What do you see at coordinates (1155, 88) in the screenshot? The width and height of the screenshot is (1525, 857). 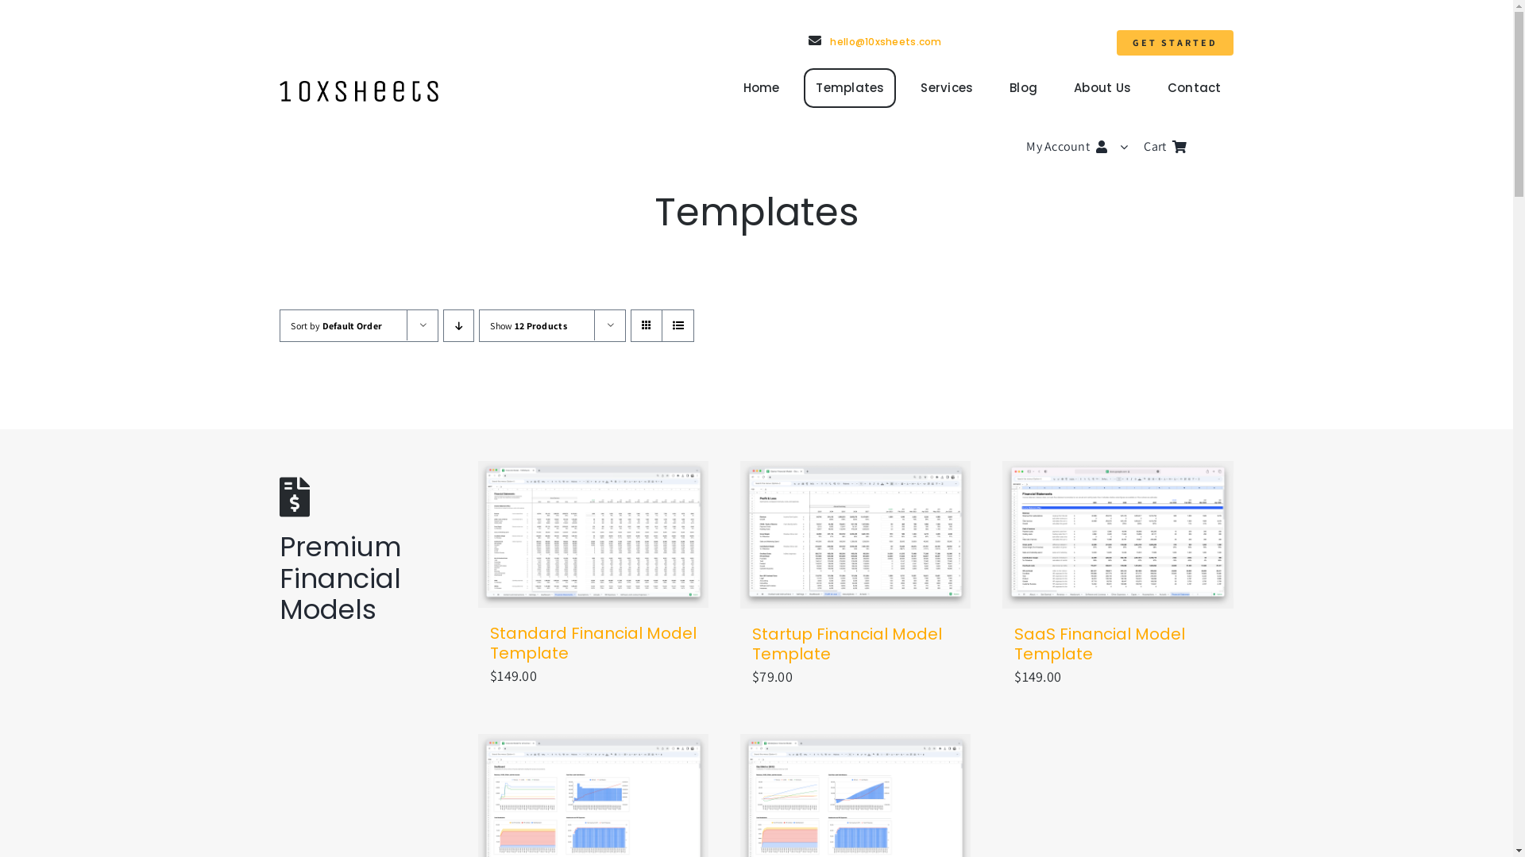 I see `'Contact'` at bounding box center [1155, 88].